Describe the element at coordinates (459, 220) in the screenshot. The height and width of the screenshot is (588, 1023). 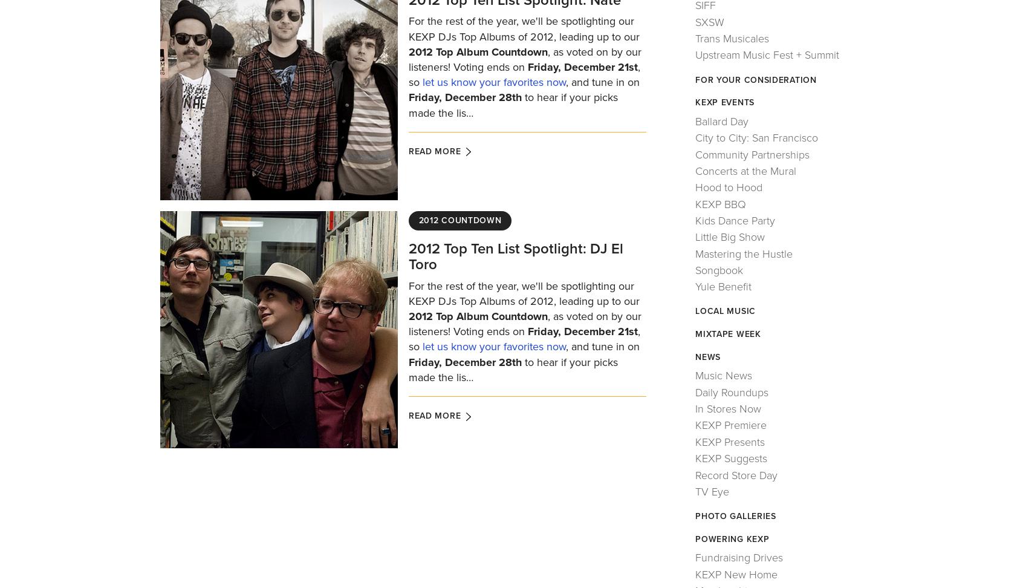
I see `'2012 Countdown'` at that location.